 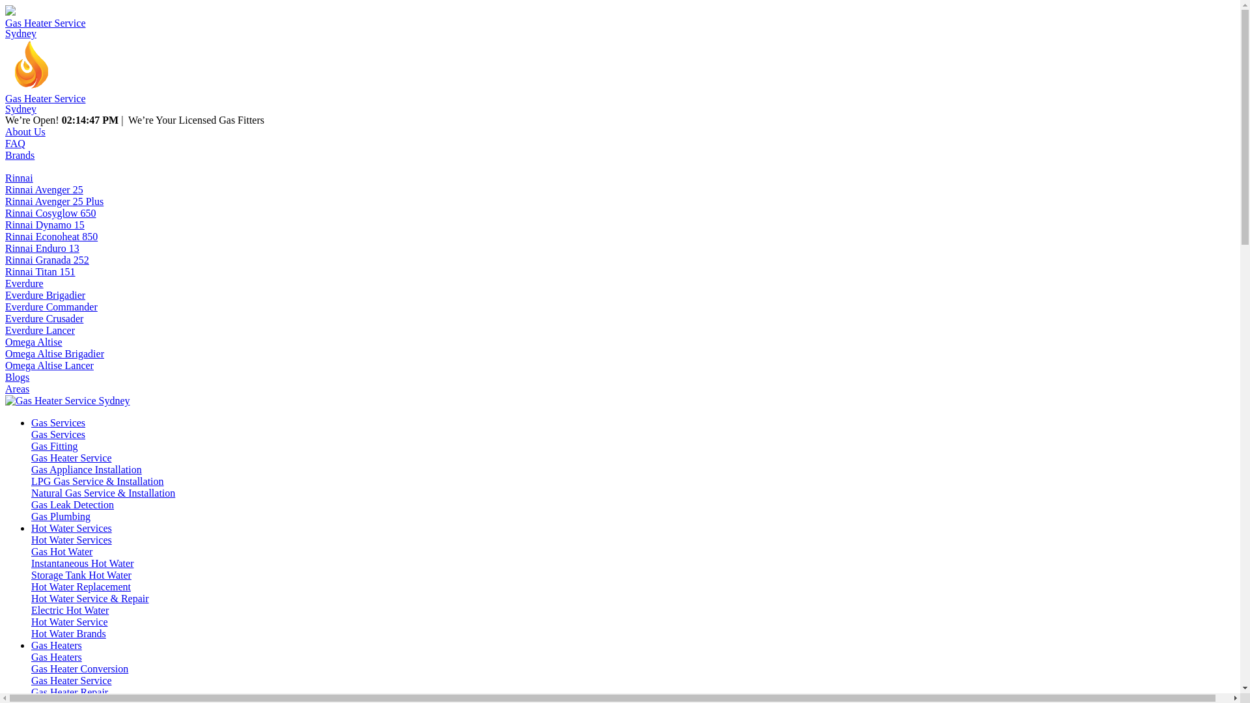 I want to click on 'Brands', so click(x=20, y=154).